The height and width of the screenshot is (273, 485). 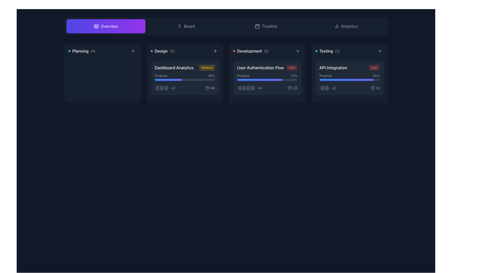 What do you see at coordinates (249, 51) in the screenshot?
I see `the text label displaying 'Development' in white color, which is located between an orange dot on the left and a gray '(5)' indicator on the right` at bounding box center [249, 51].